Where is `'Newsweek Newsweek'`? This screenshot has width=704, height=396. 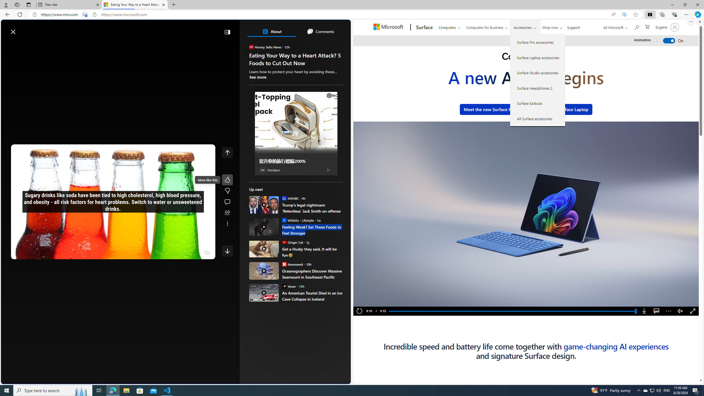 'Newsweek Newsweek' is located at coordinates (292, 264).